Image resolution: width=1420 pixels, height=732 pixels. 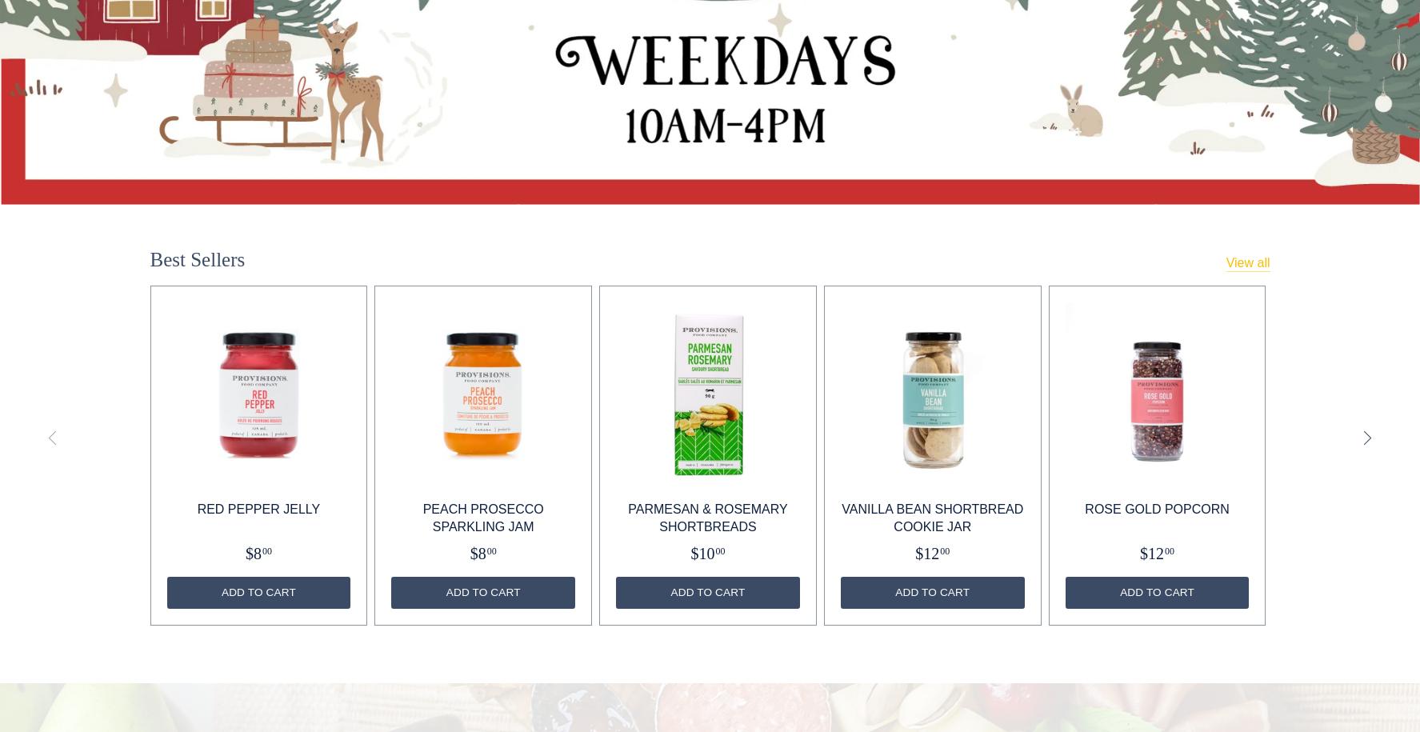 What do you see at coordinates (931, 517) in the screenshot?
I see `'VANILLA BEAN SHORTBREAD COOKIE JAR'` at bounding box center [931, 517].